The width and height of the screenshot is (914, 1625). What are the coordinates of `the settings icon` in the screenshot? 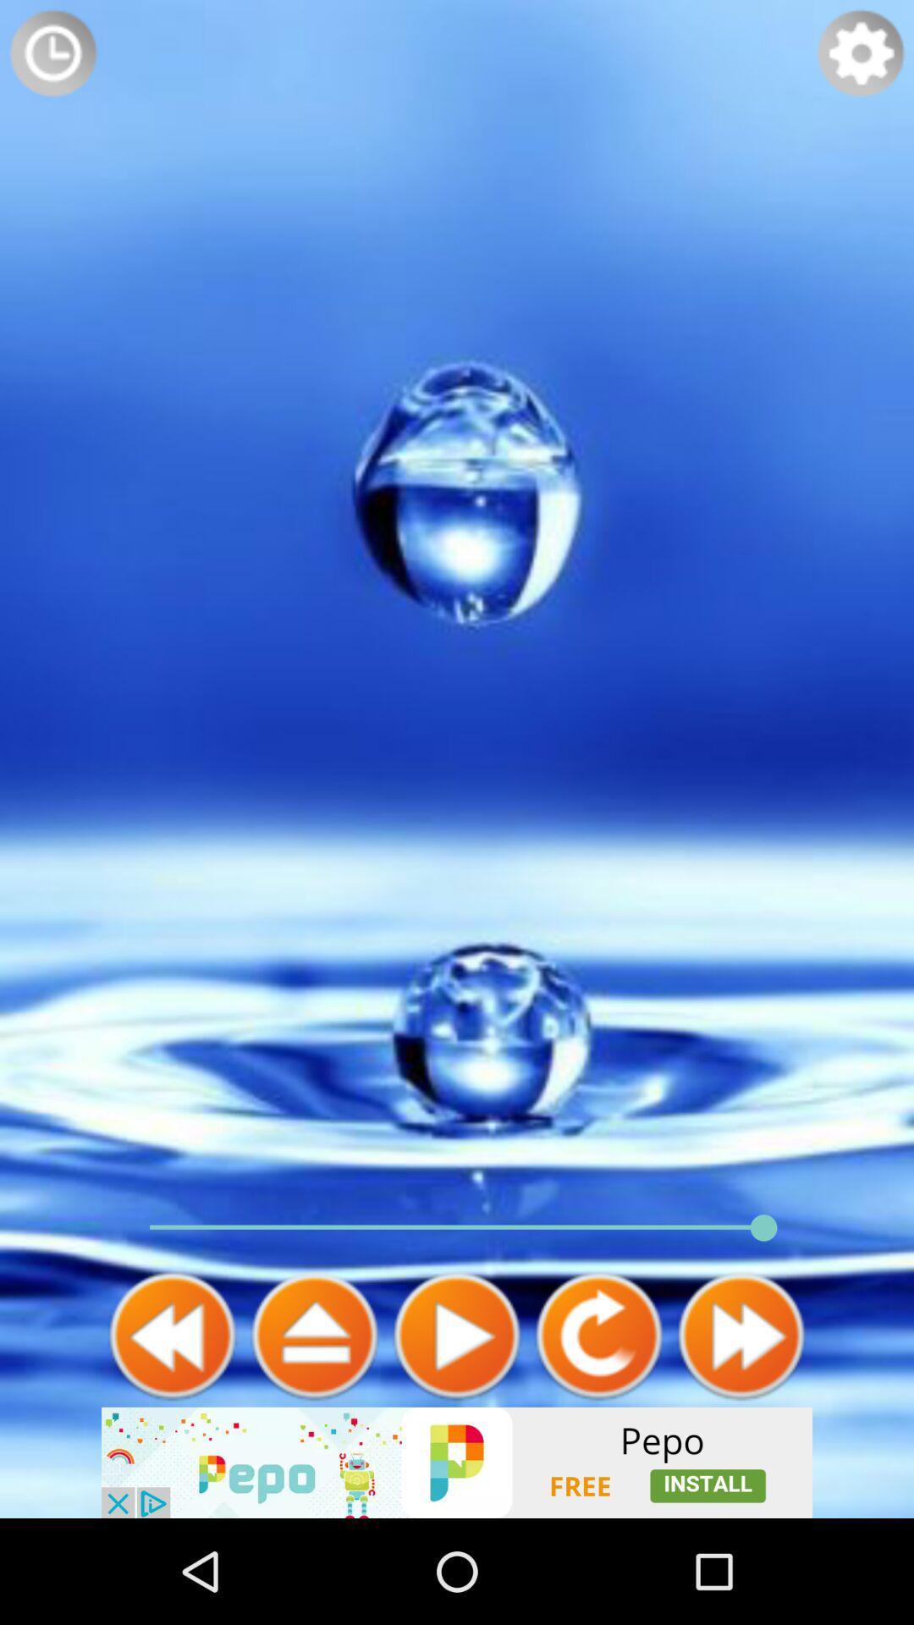 It's located at (861, 57).